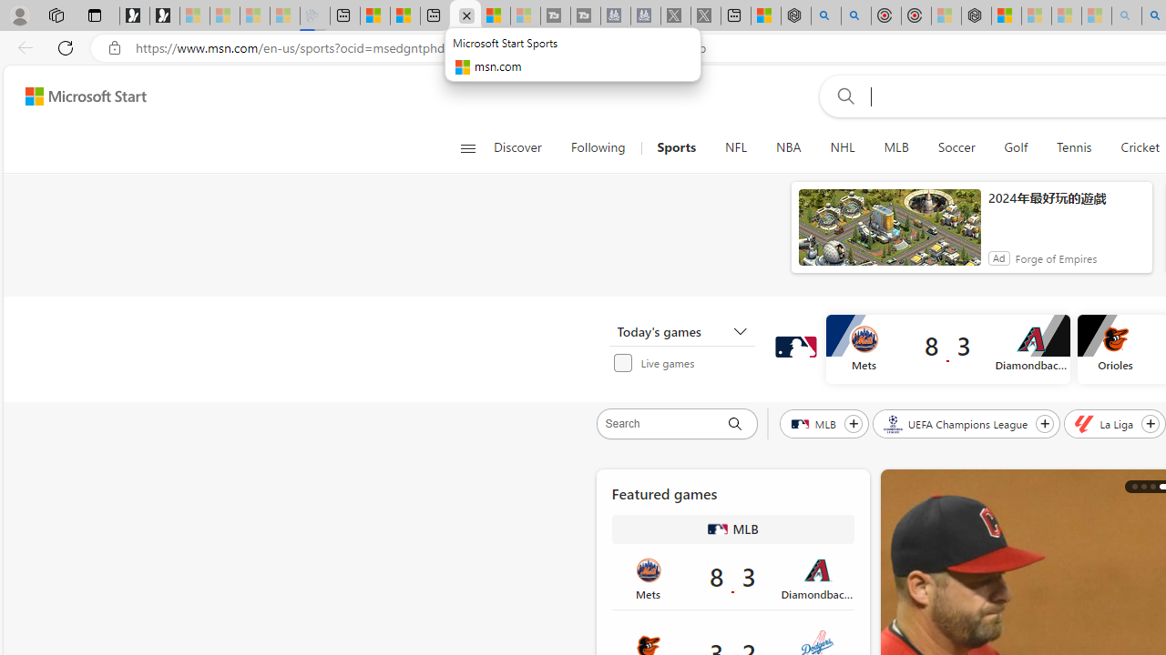  Describe the element at coordinates (789, 147) in the screenshot. I see `'NBA'` at that location.